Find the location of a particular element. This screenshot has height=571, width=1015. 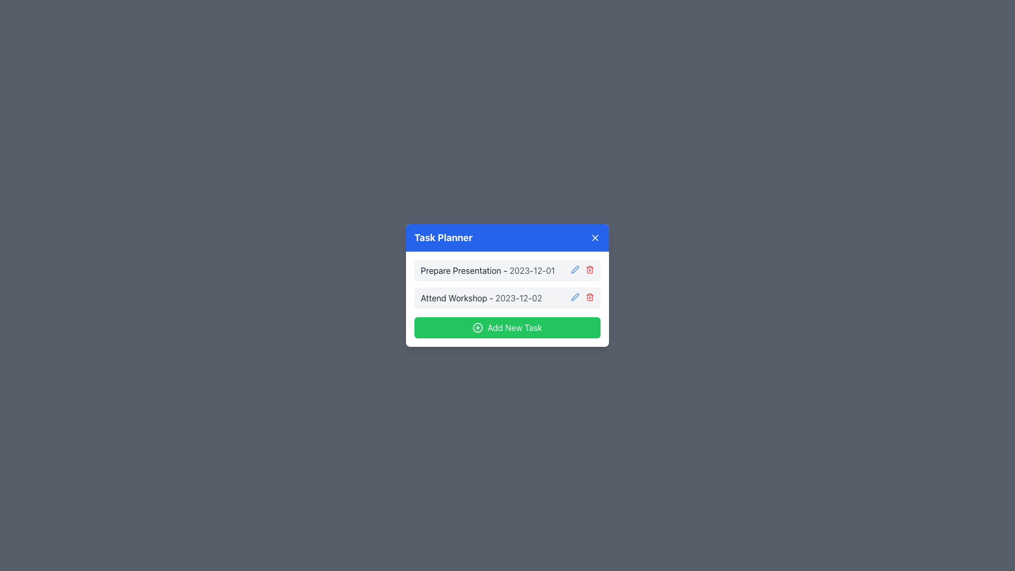

text label that says 'Add New Task', which is styled in white on a green background and is centrally aligned within a green button at the bottom of the 'Task Planner' dialog is located at coordinates (515, 327).